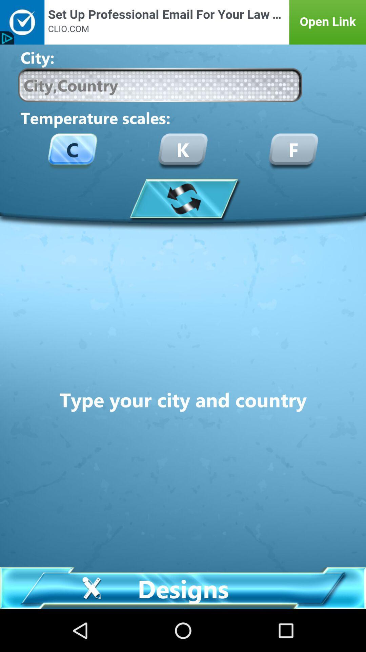  Describe the element at coordinates (160, 85) in the screenshot. I see `type to city option` at that location.